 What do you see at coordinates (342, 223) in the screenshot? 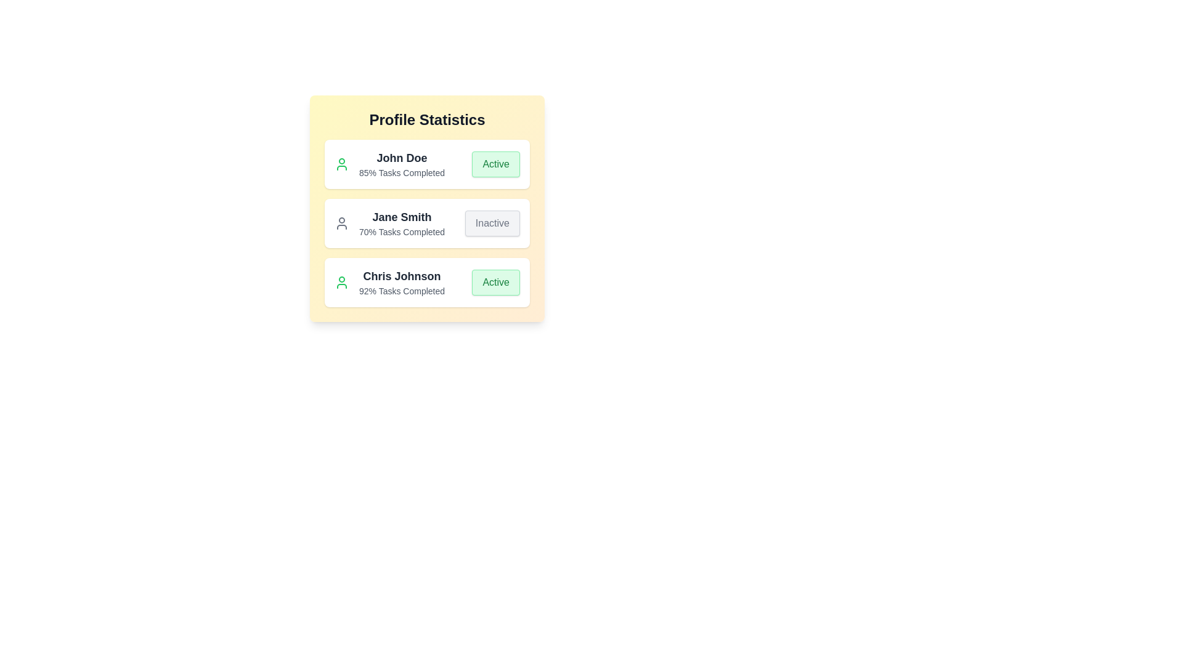
I see `the user icon for Jane Smith to explore additional interactions` at bounding box center [342, 223].